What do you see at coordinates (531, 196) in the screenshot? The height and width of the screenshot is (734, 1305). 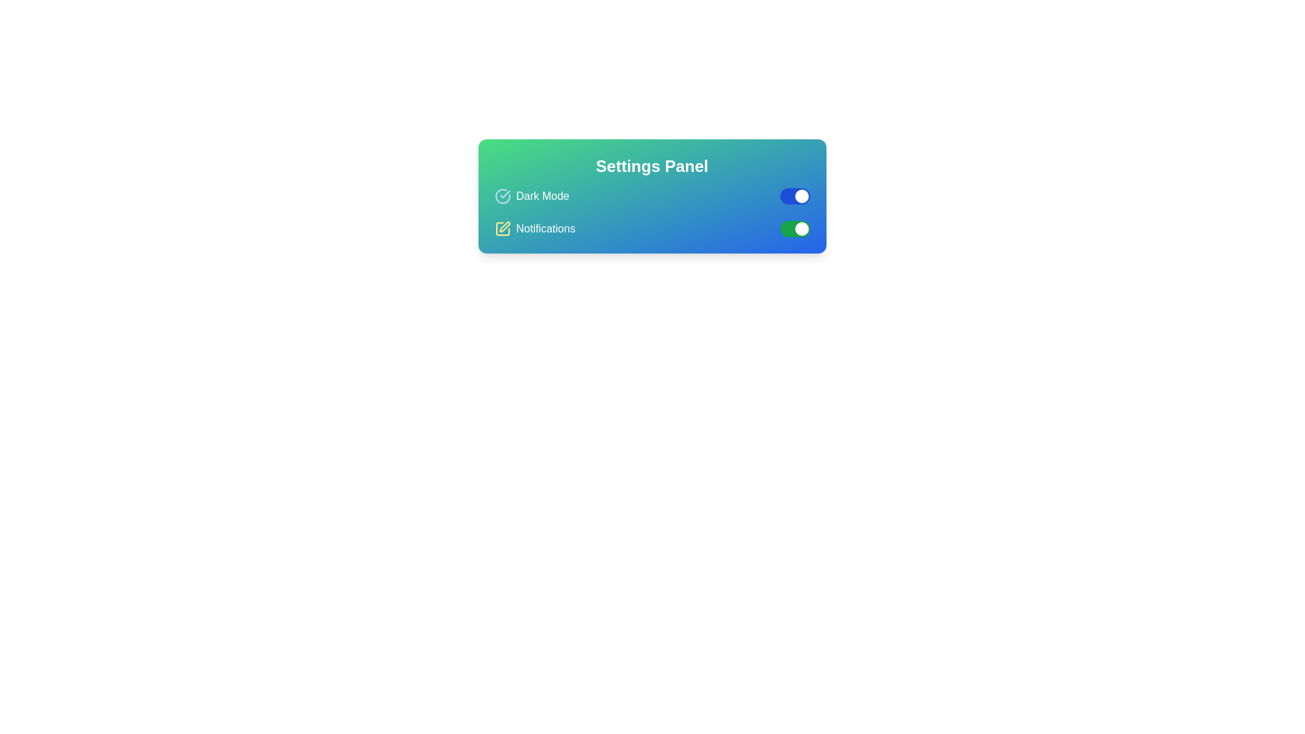 I see `the 'Dark Mode' element, which consists of a blue-tinted verified circle icon with a checkmark and bold text, located at the top-left corner of the settings panel` at bounding box center [531, 196].